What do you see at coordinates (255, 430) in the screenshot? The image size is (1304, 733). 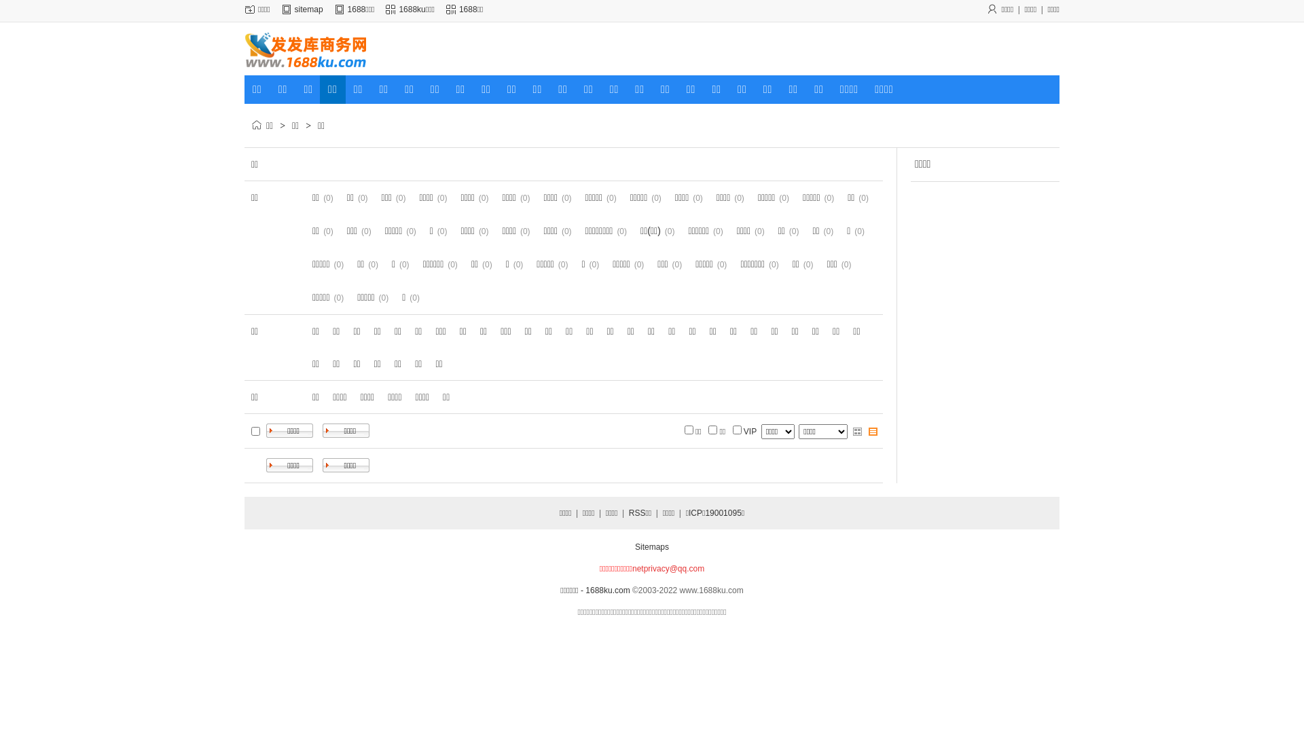 I see `'on'` at bounding box center [255, 430].